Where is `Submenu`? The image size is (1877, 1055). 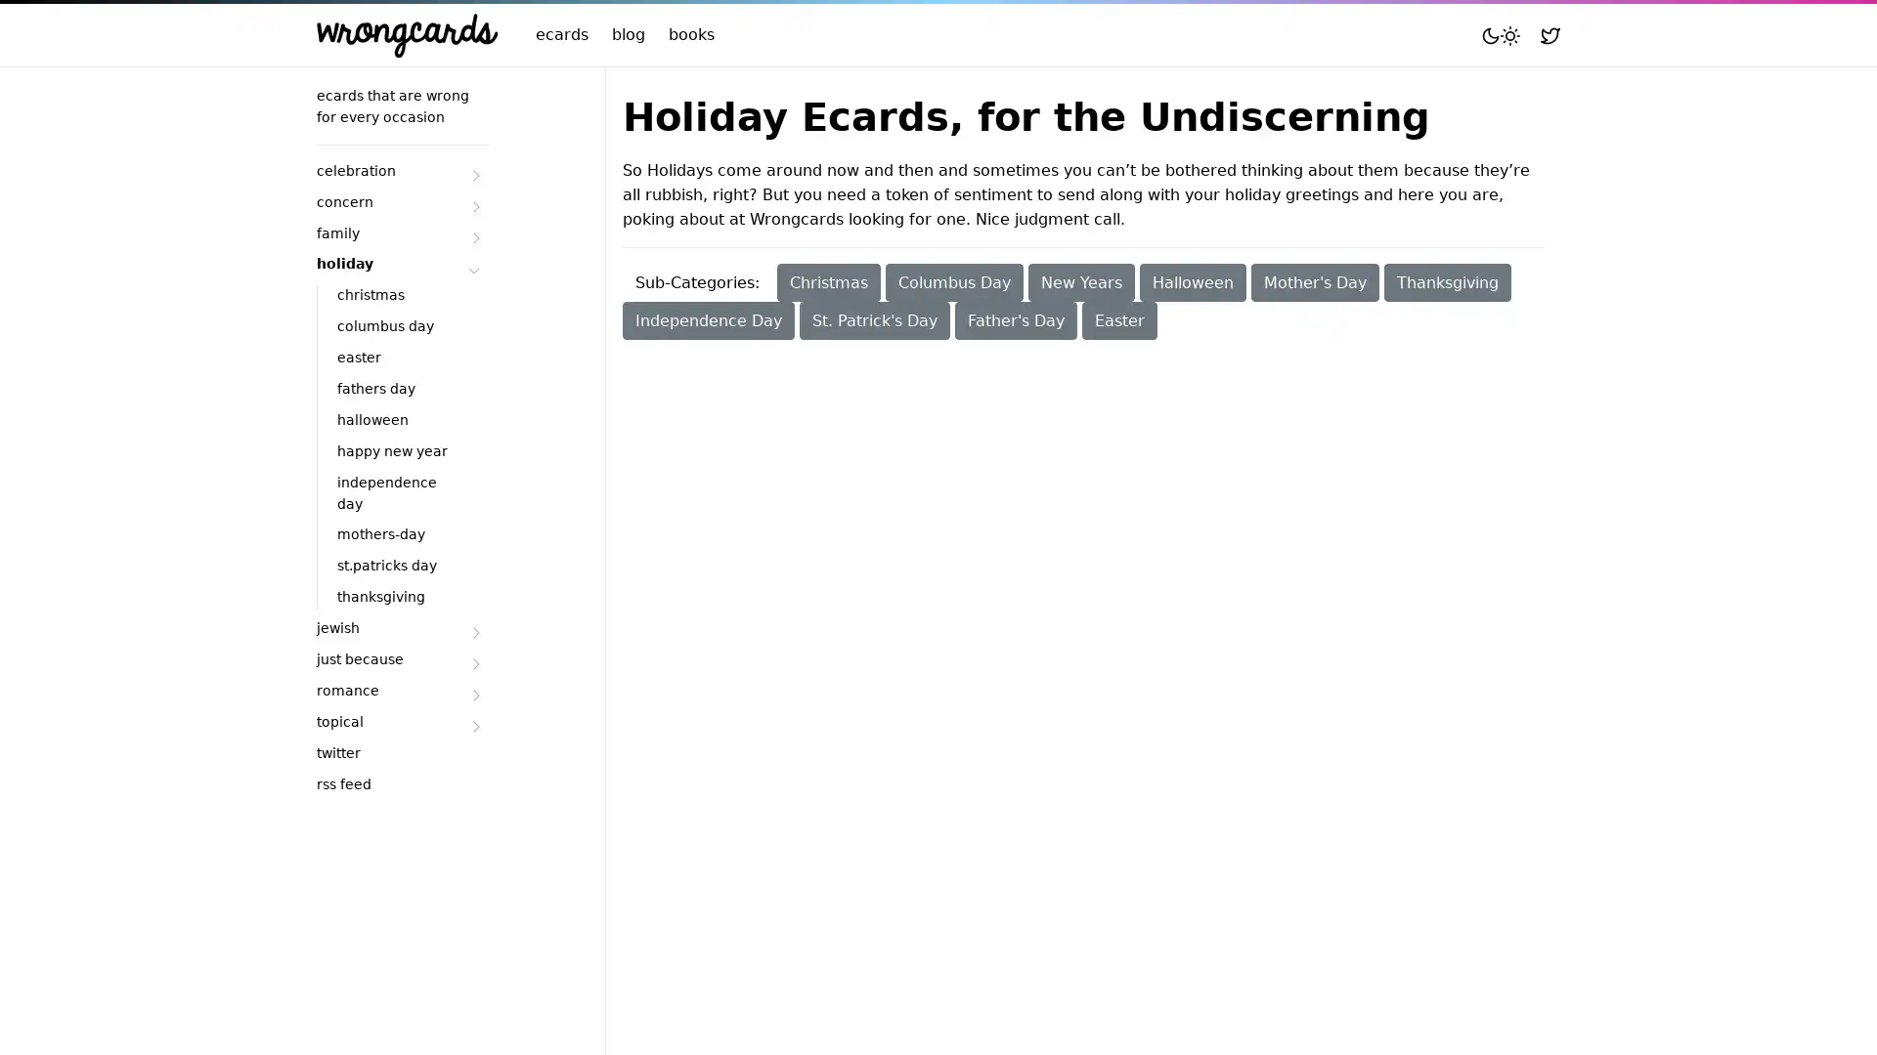 Submenu is located at coordinates (473, 633).